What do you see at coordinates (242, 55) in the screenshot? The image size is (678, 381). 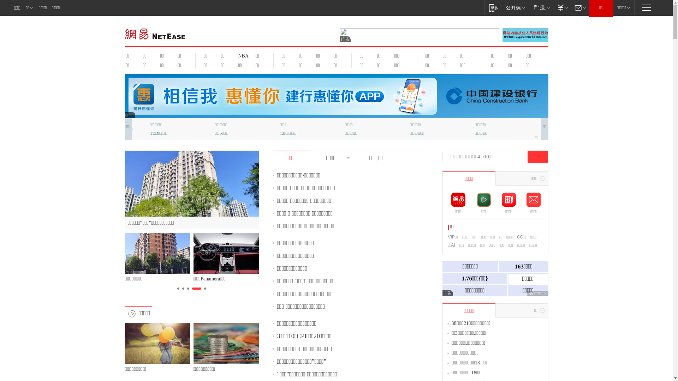 I see `'NBA'` at bounding box center [242, 55].